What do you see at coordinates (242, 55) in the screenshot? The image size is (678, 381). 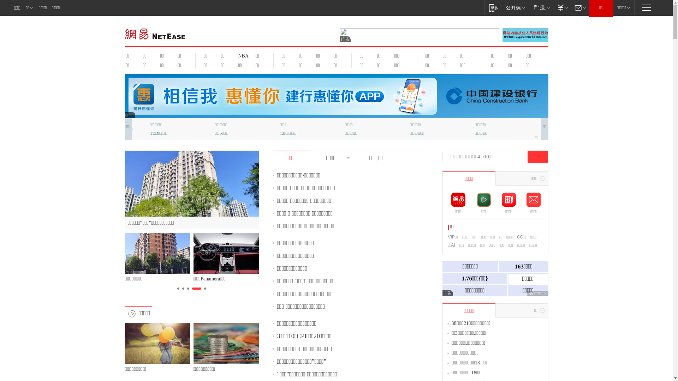 I see `'NBA'` at bounding box center [242, 55].